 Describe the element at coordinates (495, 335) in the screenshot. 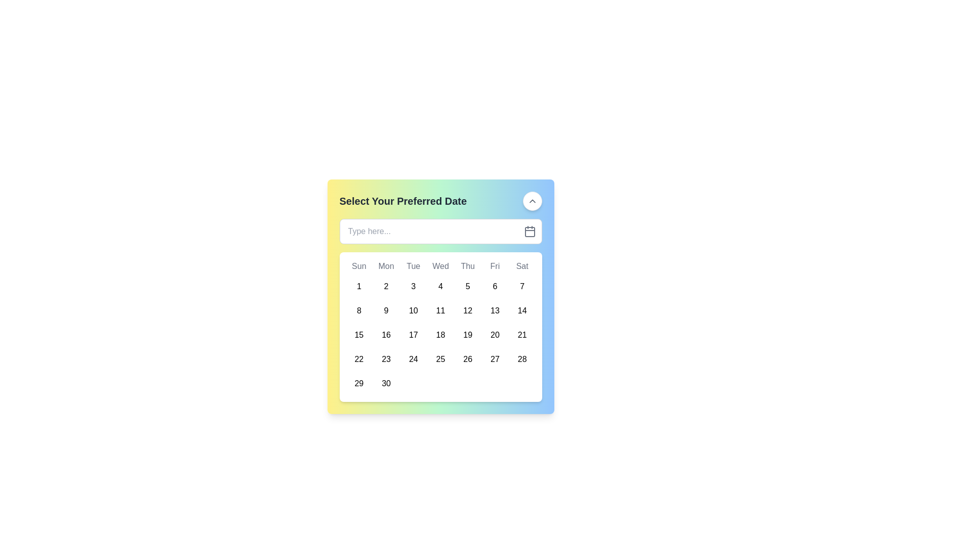

I see `the button representing the date '20' in the calendar for accessibility purposes` at that location.